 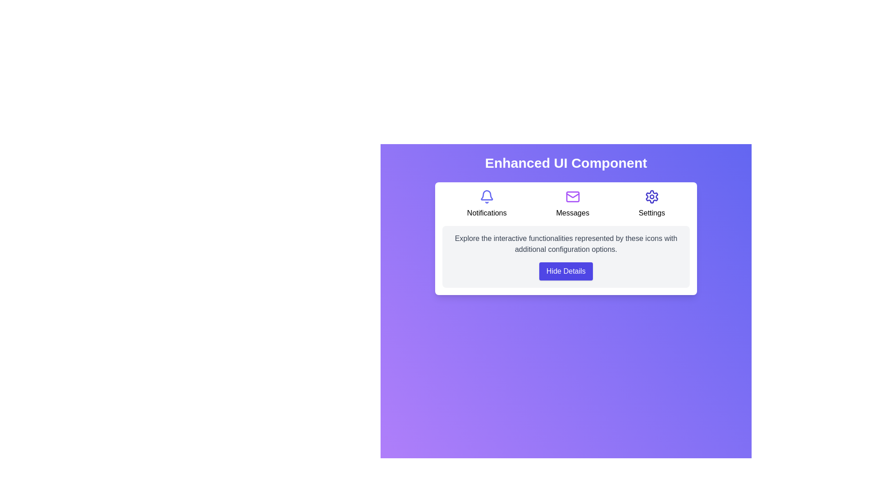 What do you see at coordinates (651, 203) in the screenshot?
I see `the 'Settings' button, which features a gear icon with a purple outline and a label underneath reading 'Settings'` at bounding box center [651, 203].